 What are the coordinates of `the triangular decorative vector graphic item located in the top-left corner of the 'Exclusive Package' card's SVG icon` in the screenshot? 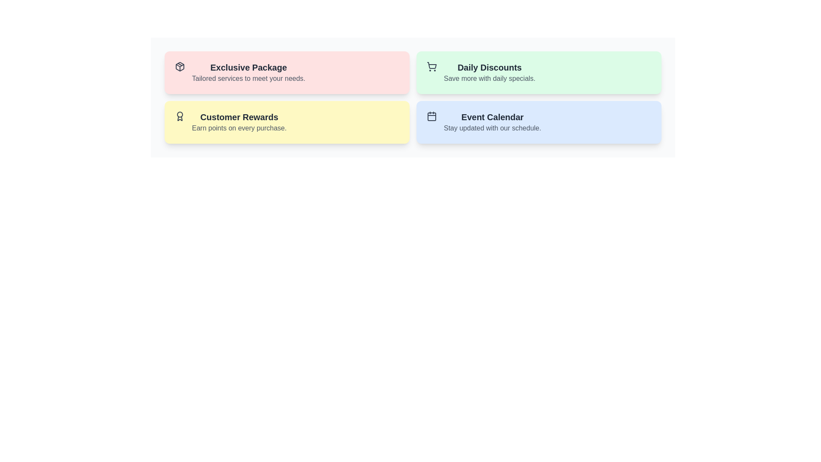 It's located at (180, 65).